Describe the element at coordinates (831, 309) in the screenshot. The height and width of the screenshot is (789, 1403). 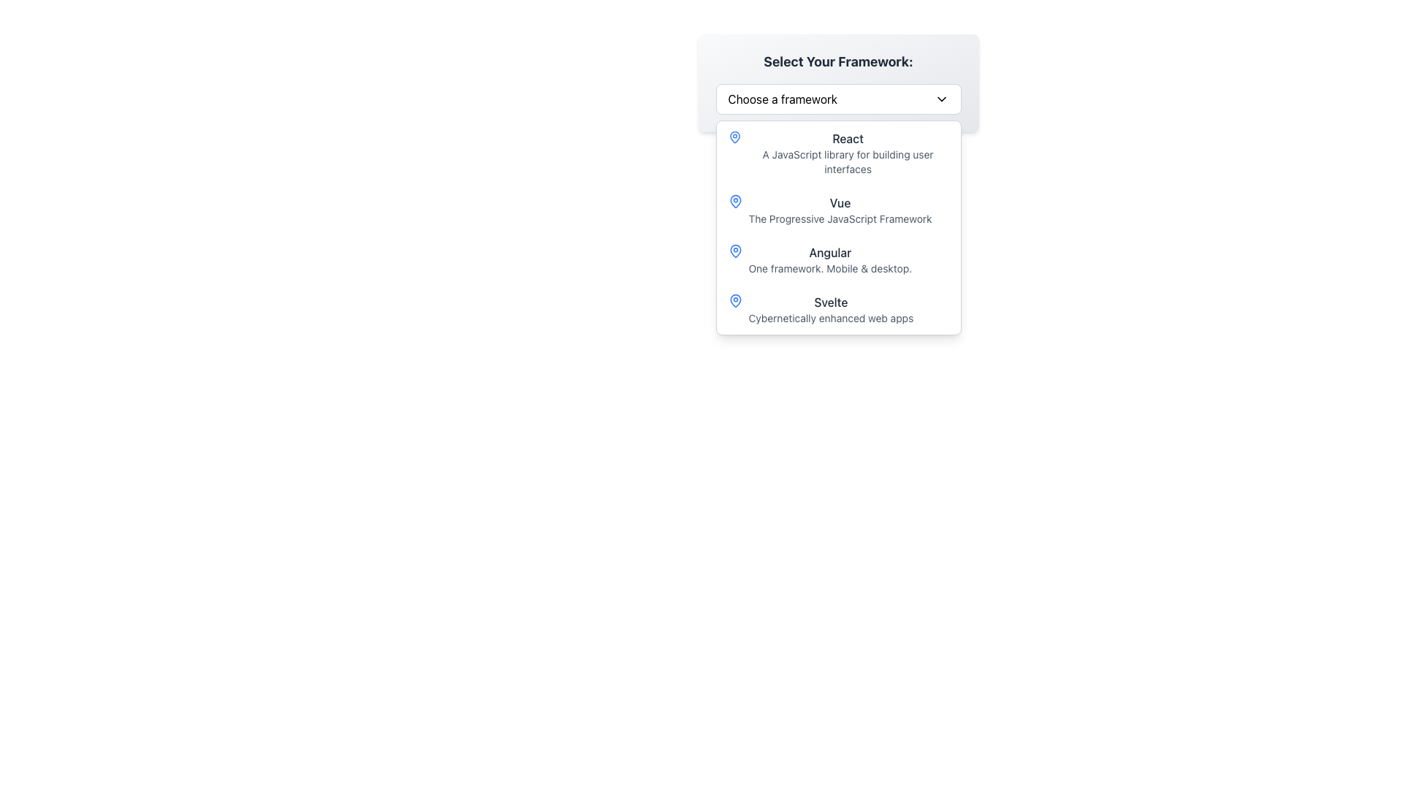
I see `the 'Svelte' option in the 'Select Your Framework:' dropdown menu, which is the fourth option below React, Vue, and Angular` at that location.